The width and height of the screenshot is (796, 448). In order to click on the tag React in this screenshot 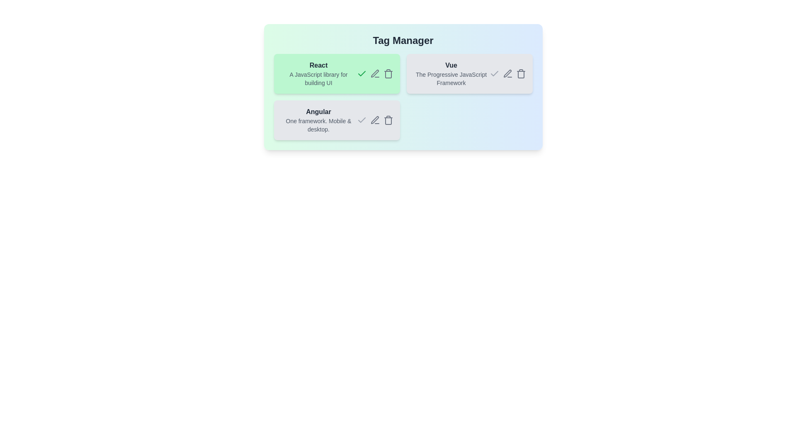, I will do `click(337, 73)`.